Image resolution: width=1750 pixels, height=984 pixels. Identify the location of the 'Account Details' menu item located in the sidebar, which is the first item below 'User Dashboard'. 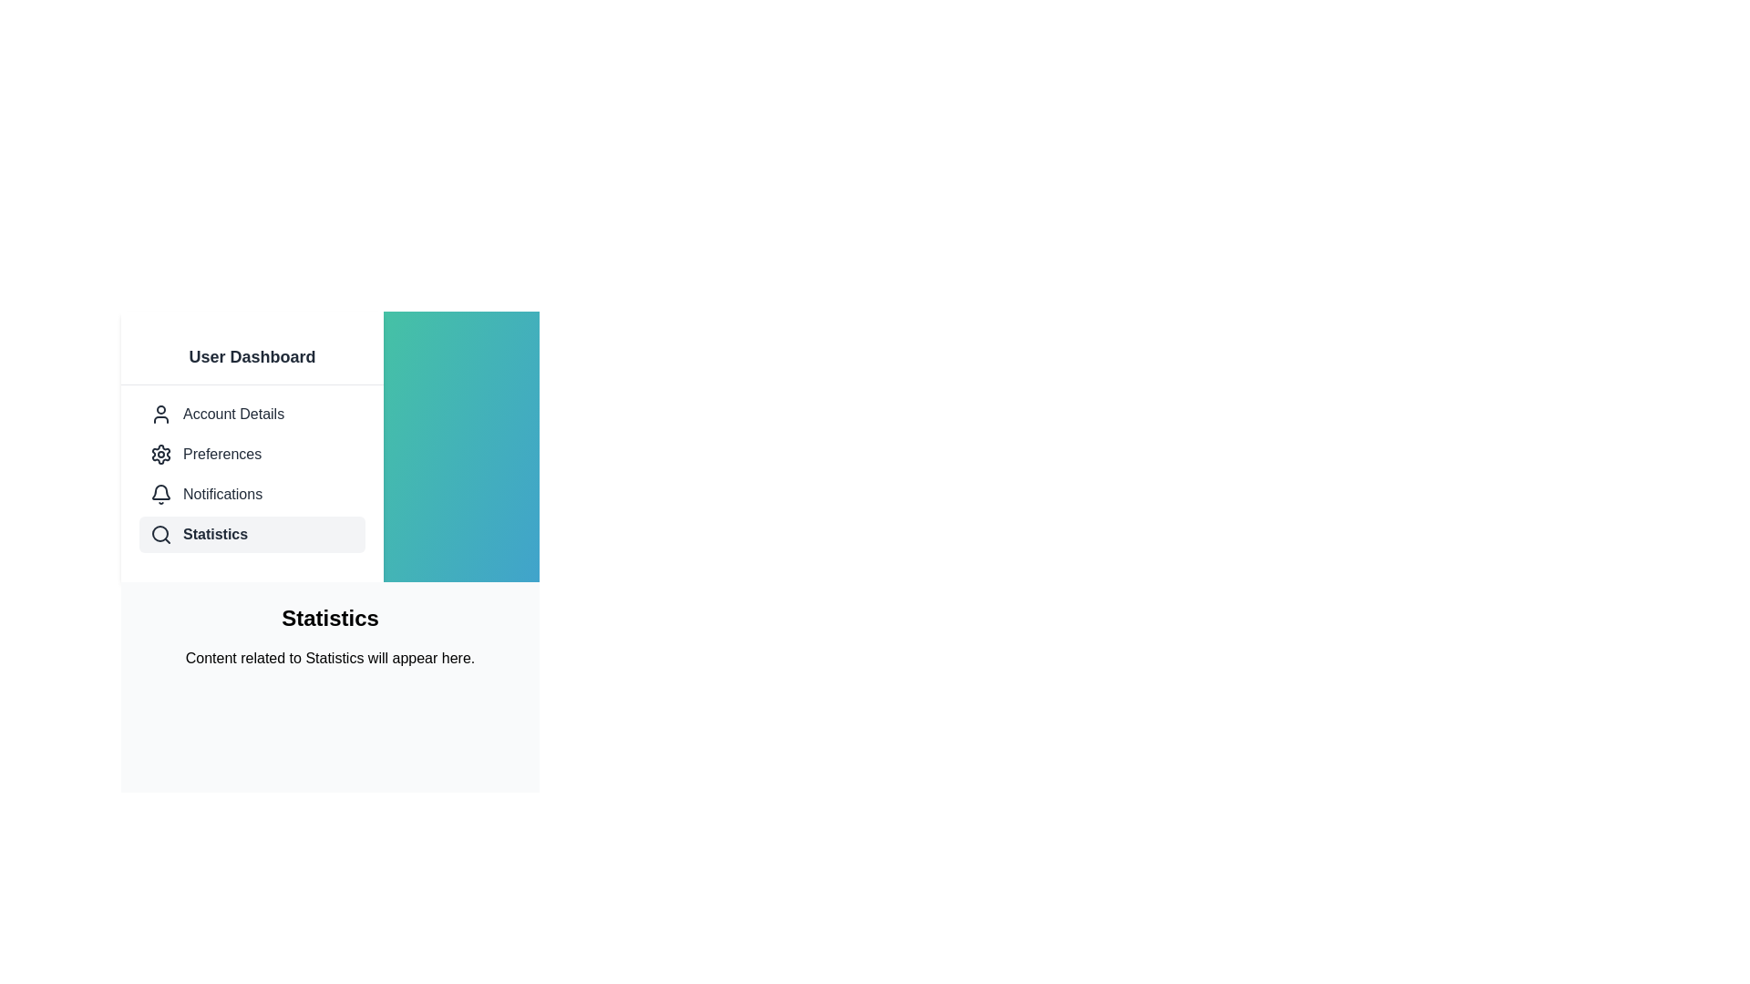
(252, 415).